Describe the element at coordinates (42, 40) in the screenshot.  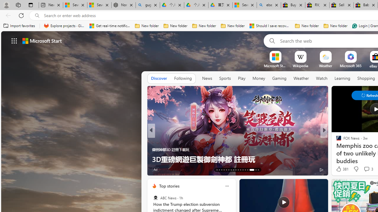
I see `'Microsoft start'` at that location.